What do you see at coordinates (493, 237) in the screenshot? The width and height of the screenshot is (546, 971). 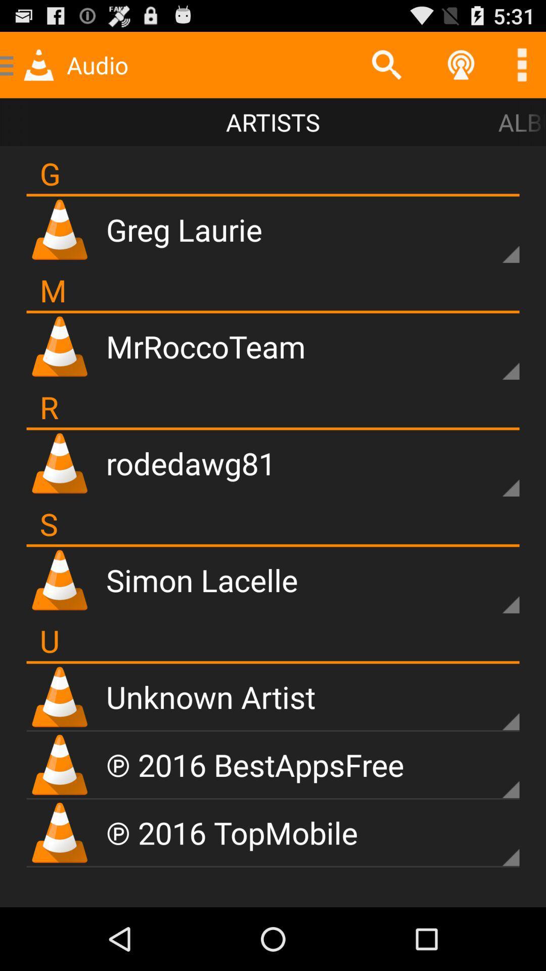 I see `user` at bounding box center [493, 237].